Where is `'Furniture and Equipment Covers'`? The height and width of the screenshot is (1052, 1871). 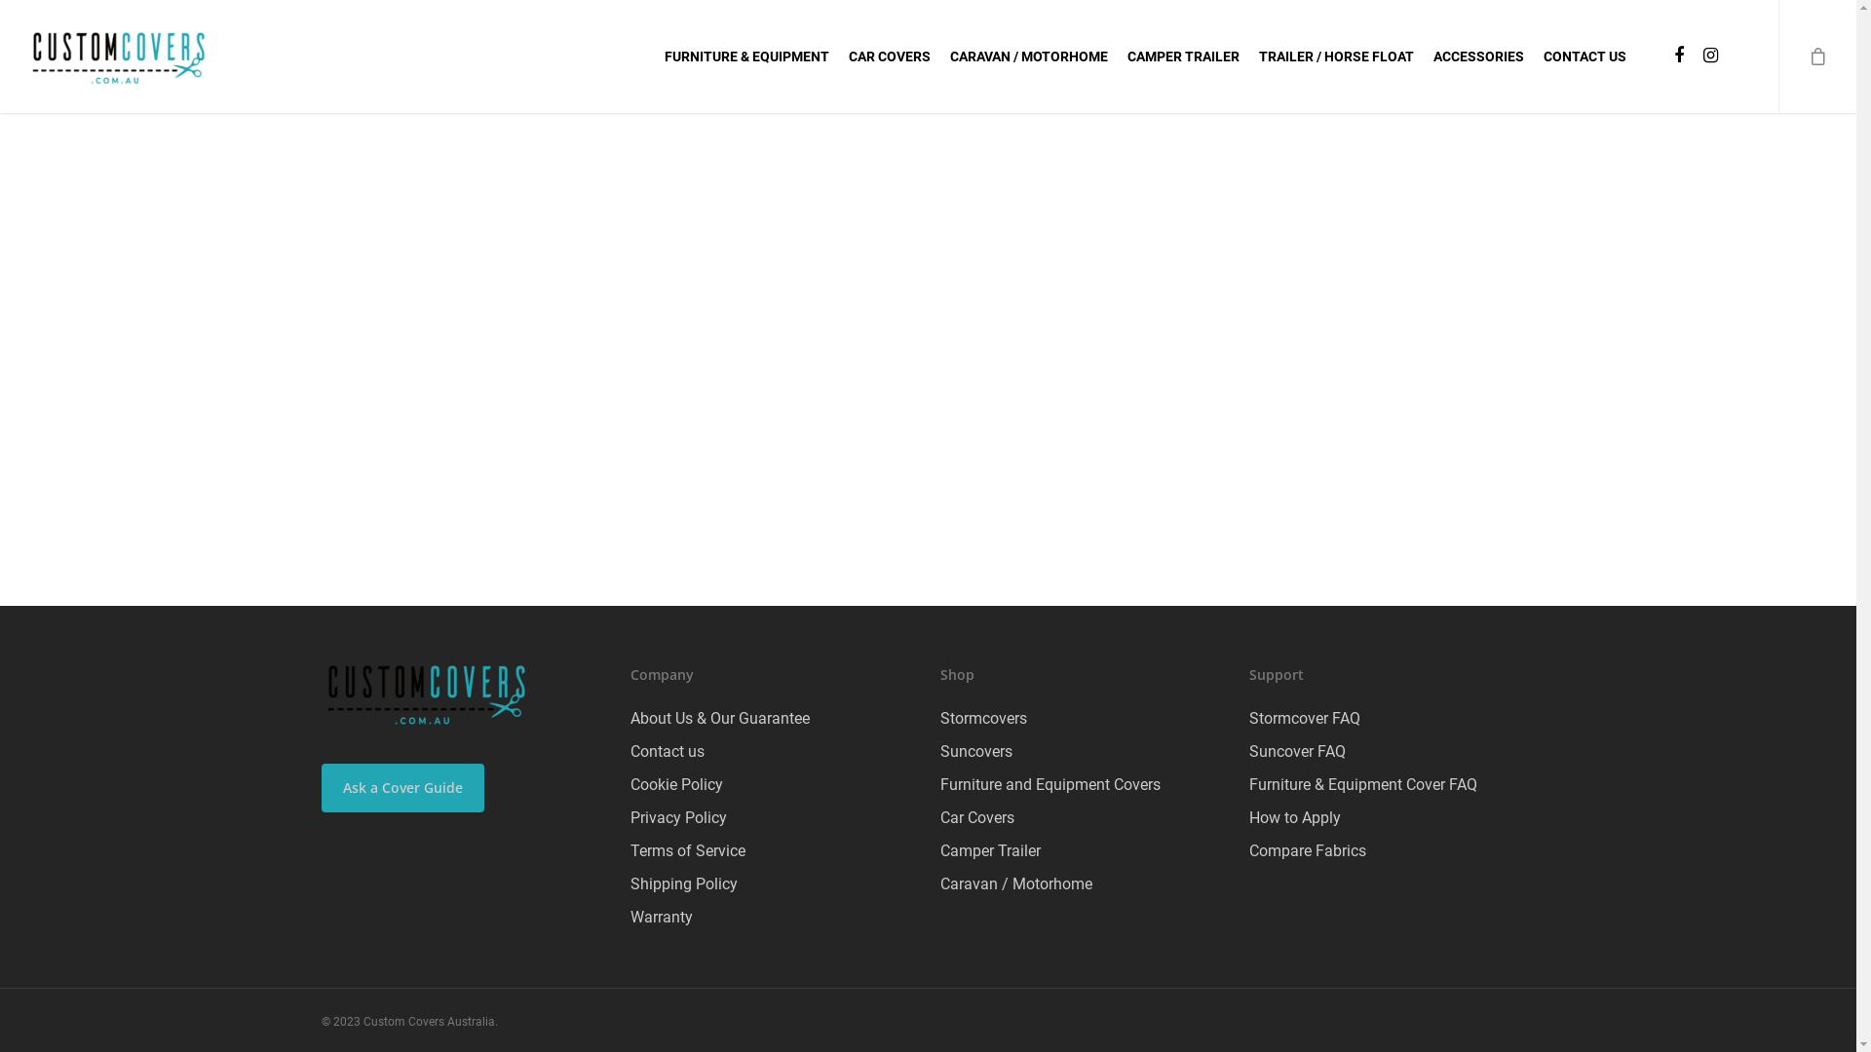
'Furniture and Equipment Covers' is located at coordinates (1082, 784).